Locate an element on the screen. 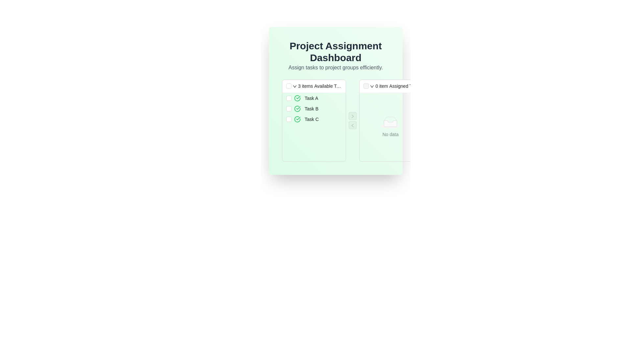 This screenshot has height=355, width=631. static text block displaying 'Assign tasks to project groups efficiently.' which is styled in gray and positioned directly beneath the title 'Project Assignment Dashboard' is located at coordinates (336, 67).